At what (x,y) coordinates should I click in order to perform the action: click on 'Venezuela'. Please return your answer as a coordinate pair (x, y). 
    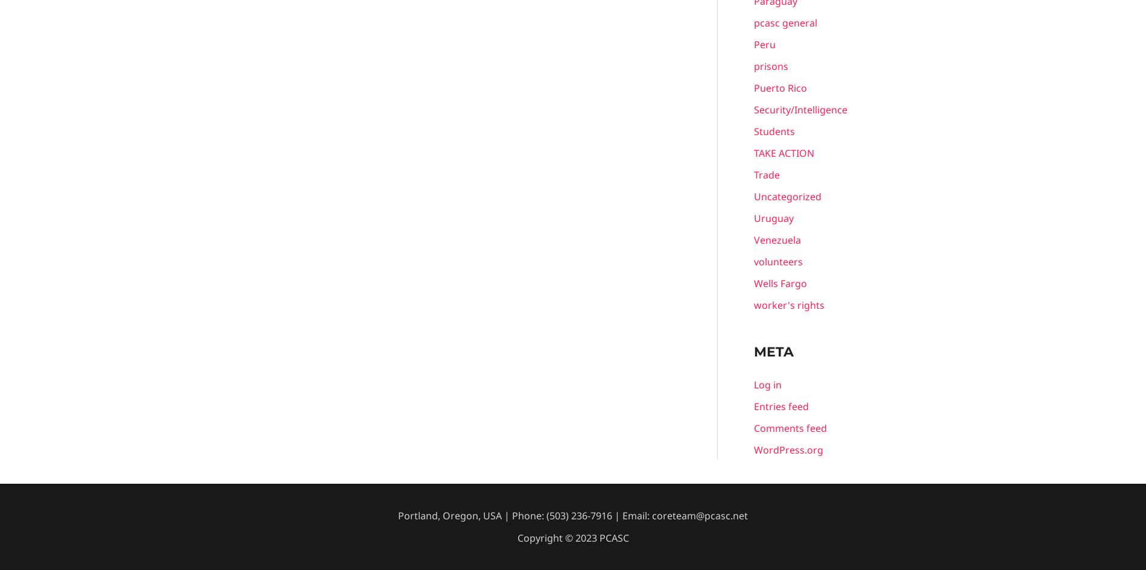
    Looking at the image, I should click on (776, 239).